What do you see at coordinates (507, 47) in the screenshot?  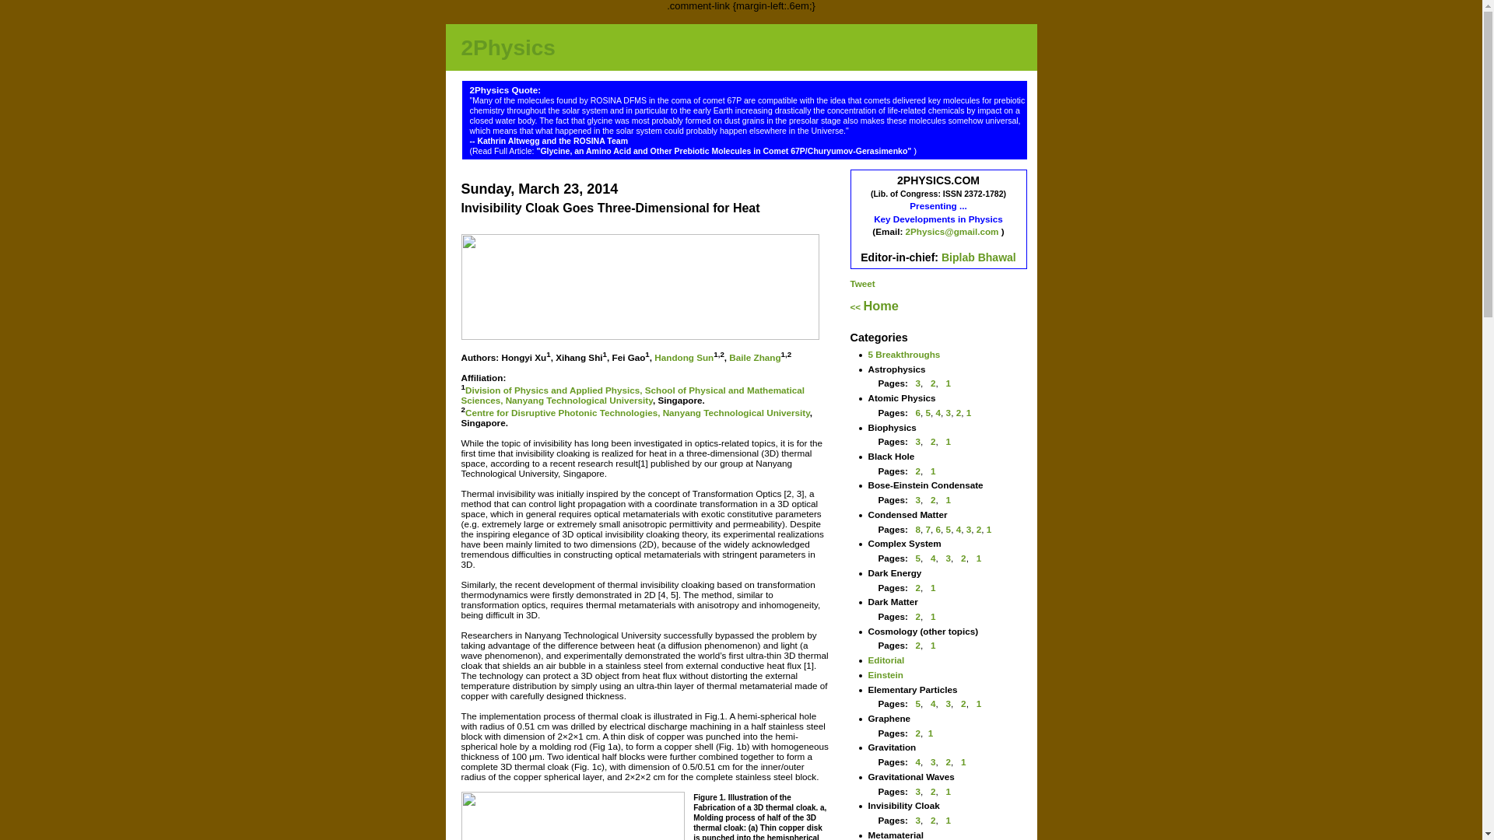 I see `'2Physics'` at bounding box center [507, 47].